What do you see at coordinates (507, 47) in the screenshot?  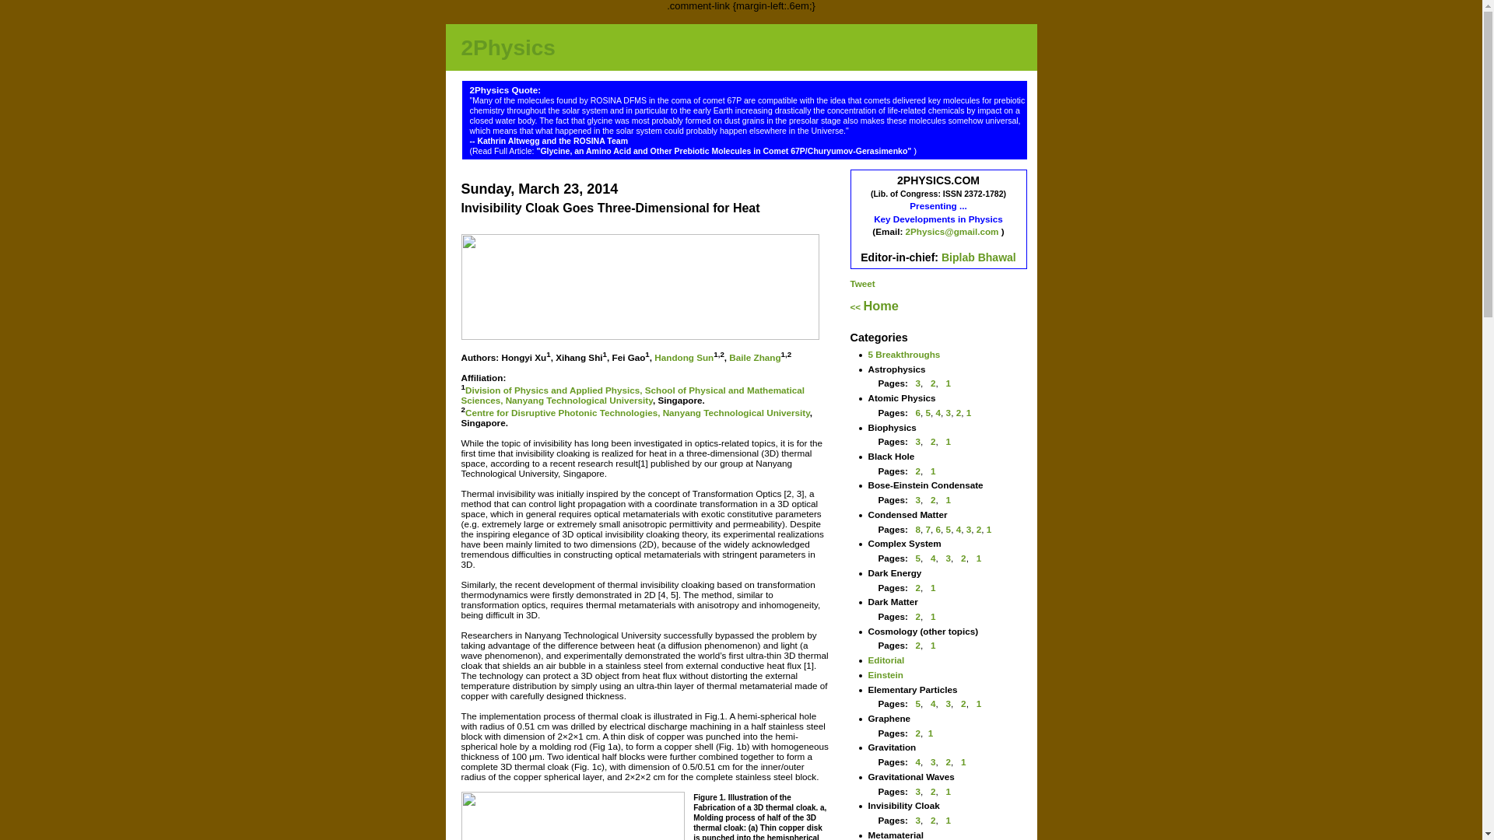 I see `'2Physics'` at bounding box center [507, 47].